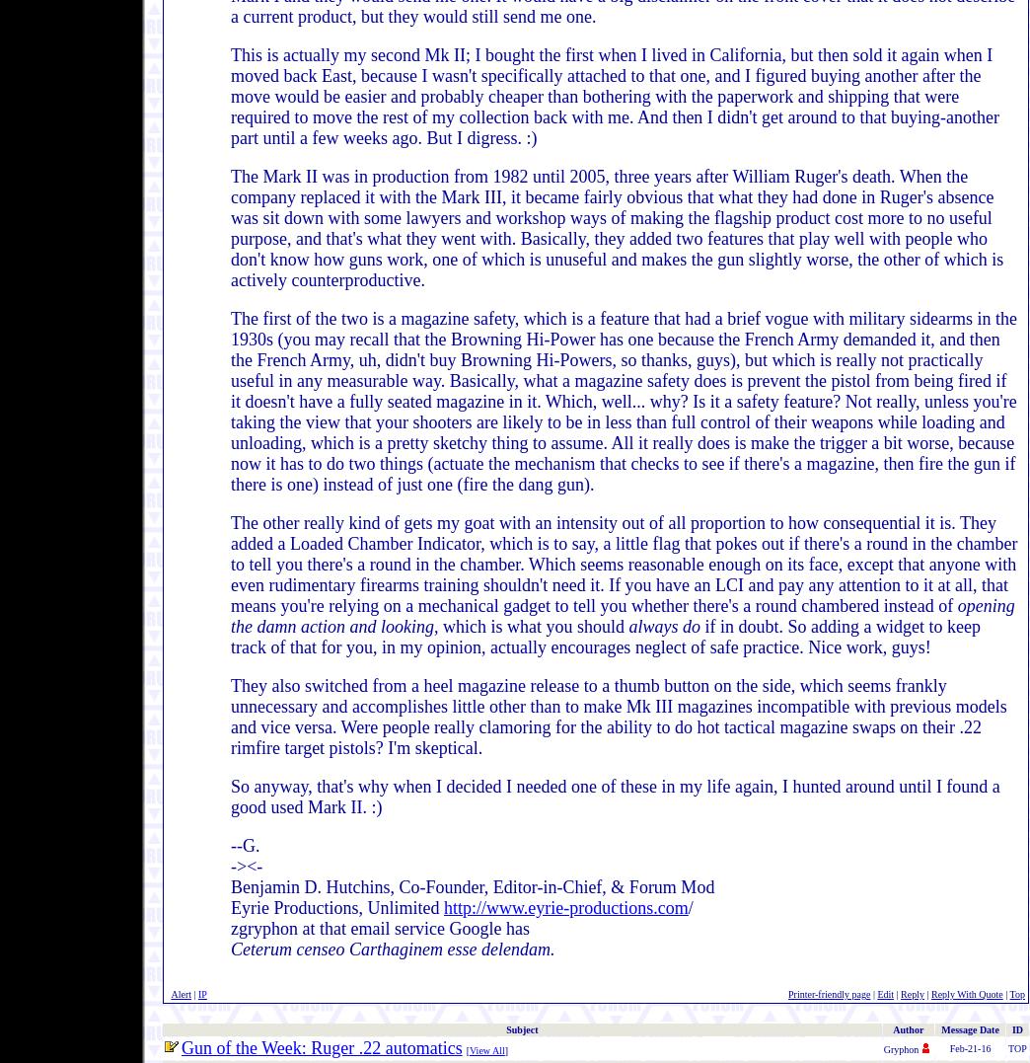 Image resolution: width=1030 pixels, height=1063 pixels. Describe the element at coordinates (501, 1029) in the screenshot. I see `'Subject'` at that location.